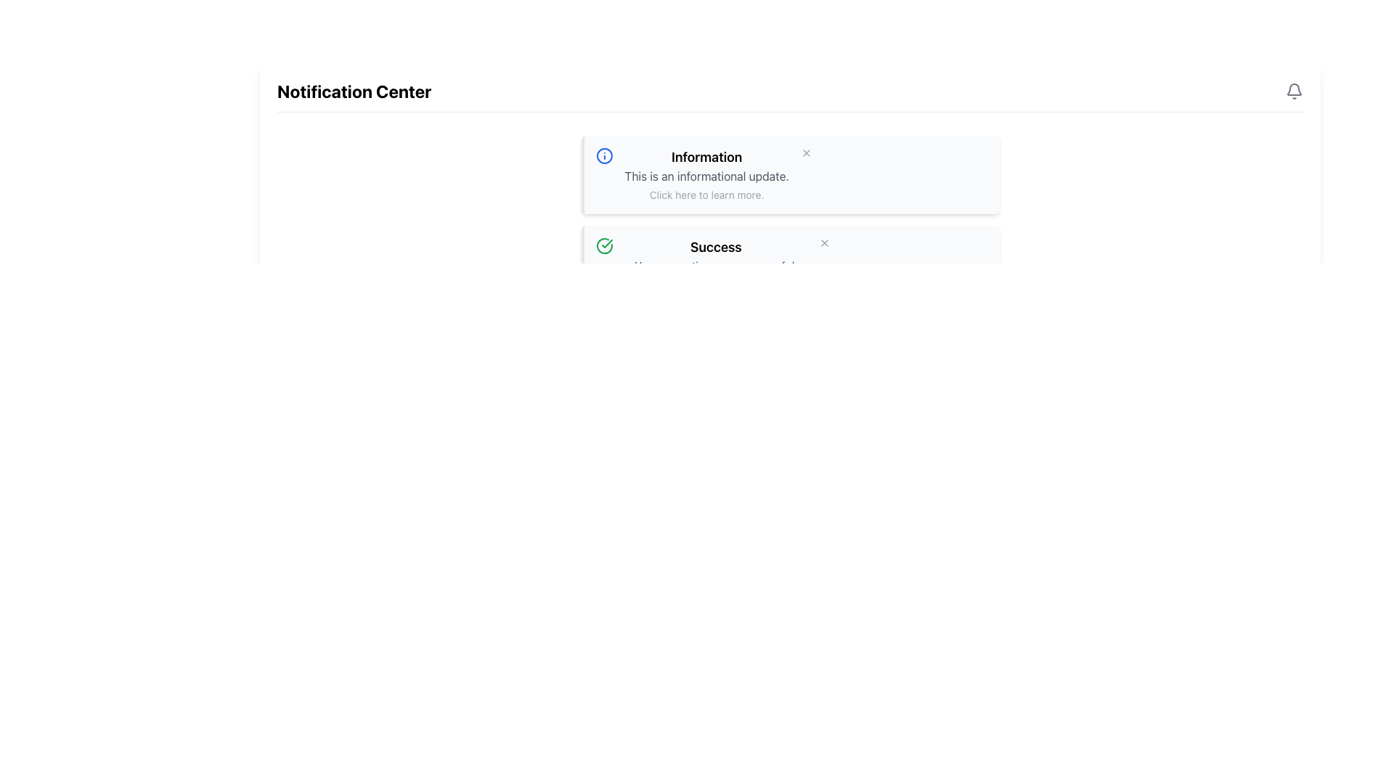 This screenshot has width=1394, height=784. I want to click on the 'Click here to learn more.' text within the Notification Block that has the headline 'Information' and subline 'This is an informational update.', so click(706, 173).